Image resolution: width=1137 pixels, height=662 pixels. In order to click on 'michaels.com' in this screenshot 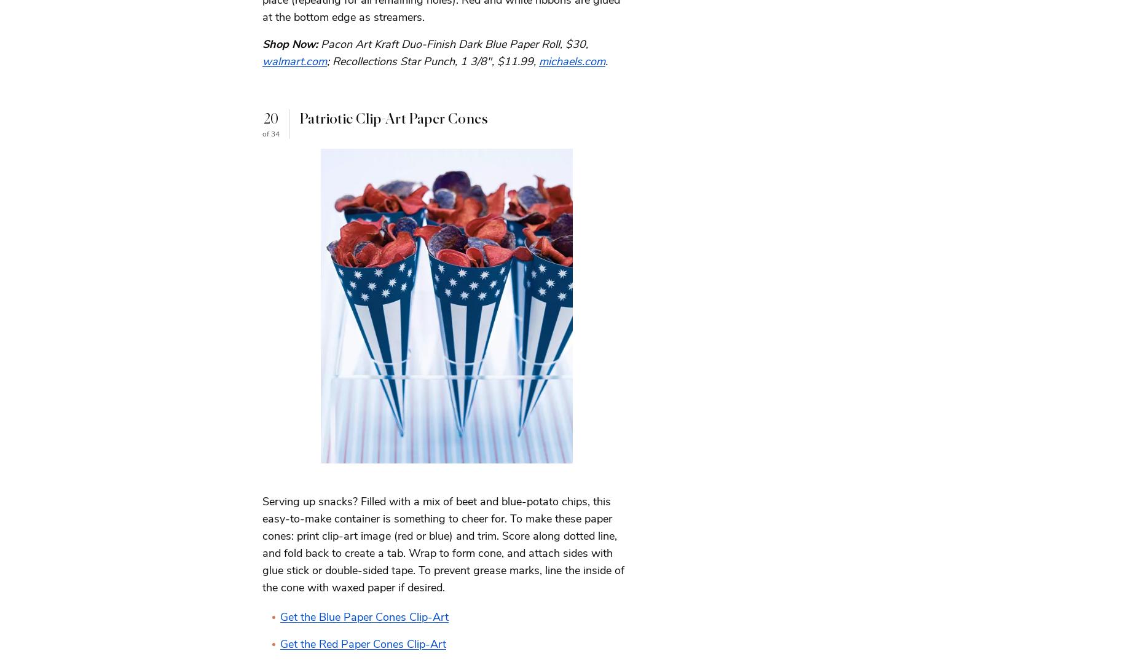, I will do `click(539, 60)`.